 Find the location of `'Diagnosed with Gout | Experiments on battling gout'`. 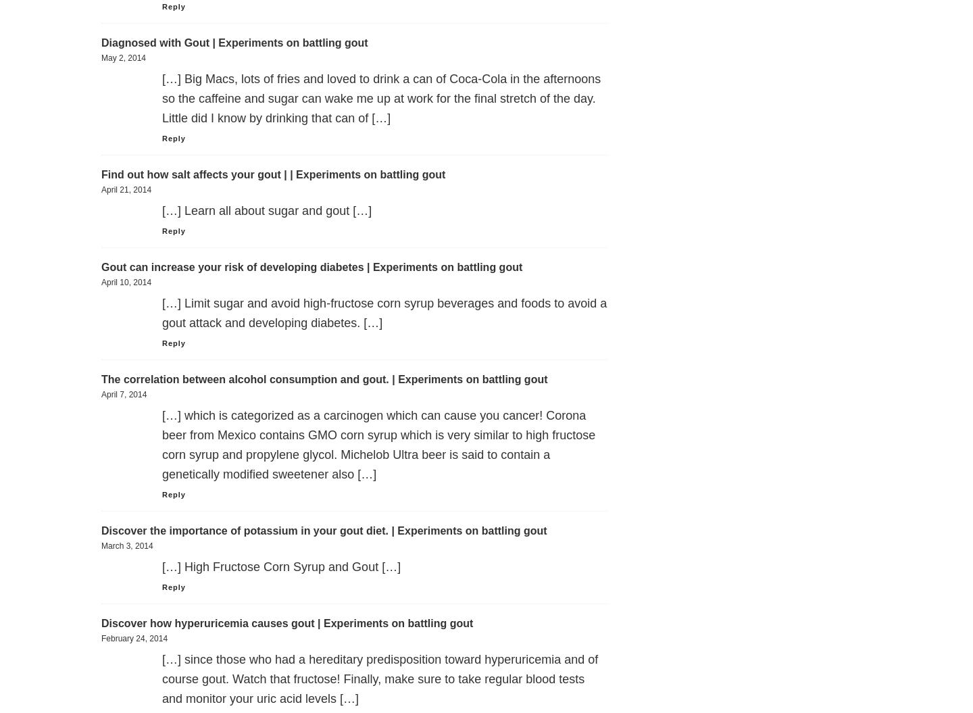

'Diagnosed with Gout | Experiments on battling gout' is located at coordinates (234, 42).